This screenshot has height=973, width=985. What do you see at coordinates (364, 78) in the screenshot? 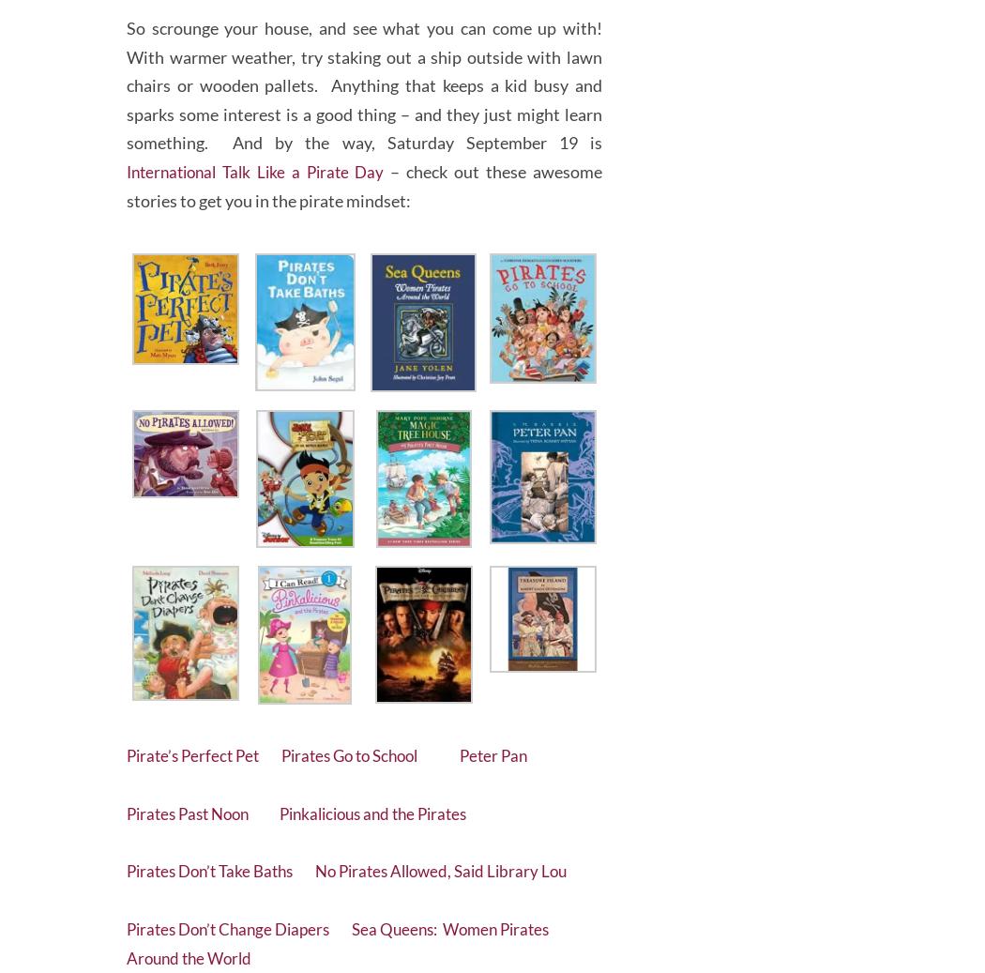
I see `'So scrounge your house, and see what you can come up with! With warmer weather, try staking out a ship outside with lawn chairs or wooden pallets.  Anything that keeps a kid busy and sparks some interest is a good thing – and they just might learn something.  And by the way, Saturday September 19 is'` at bounding box center [364, 78].